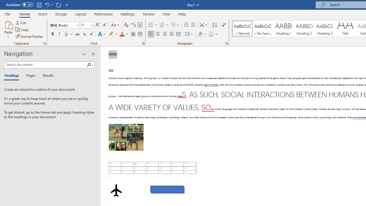 Image resolution: width=366 pixels, height=206 pixels. I want to click on 'Borders', so click(211, 34).